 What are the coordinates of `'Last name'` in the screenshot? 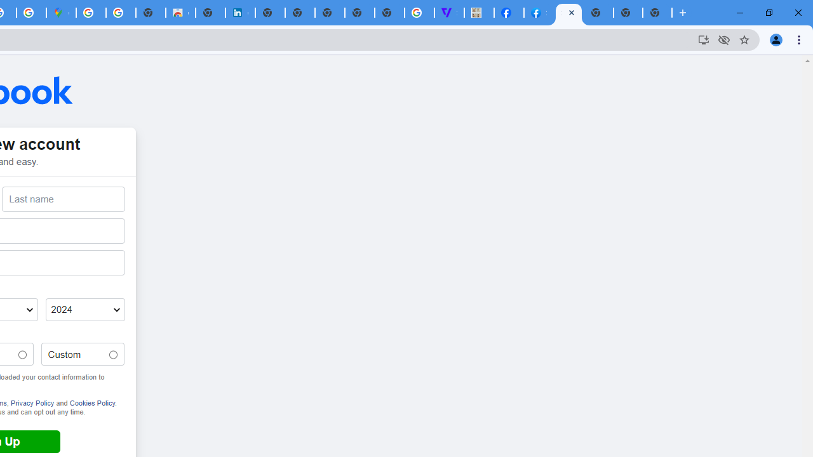 It's located at (62, 199).